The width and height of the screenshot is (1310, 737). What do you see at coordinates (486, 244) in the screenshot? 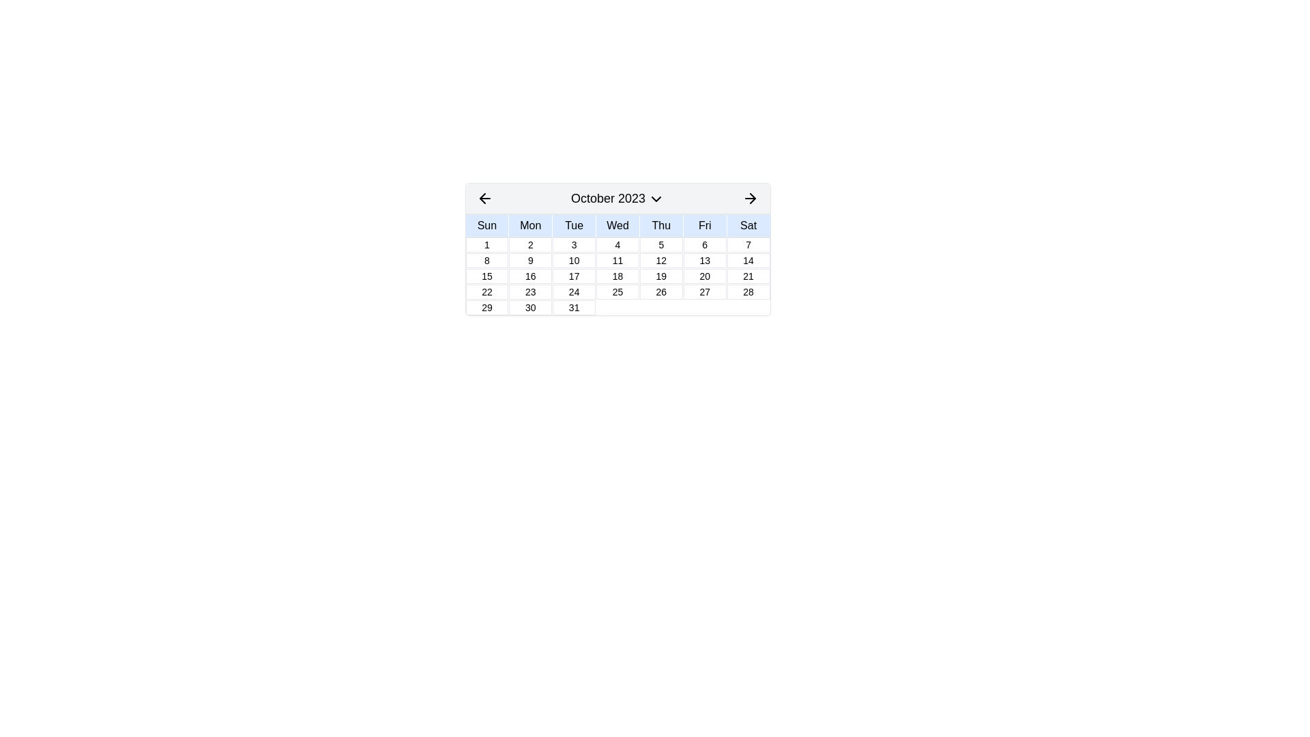
I see `the first day of the month in the calendar view, which is represented by the number '1' in the top-left corner of the grid` at bounding box center [486, 244].